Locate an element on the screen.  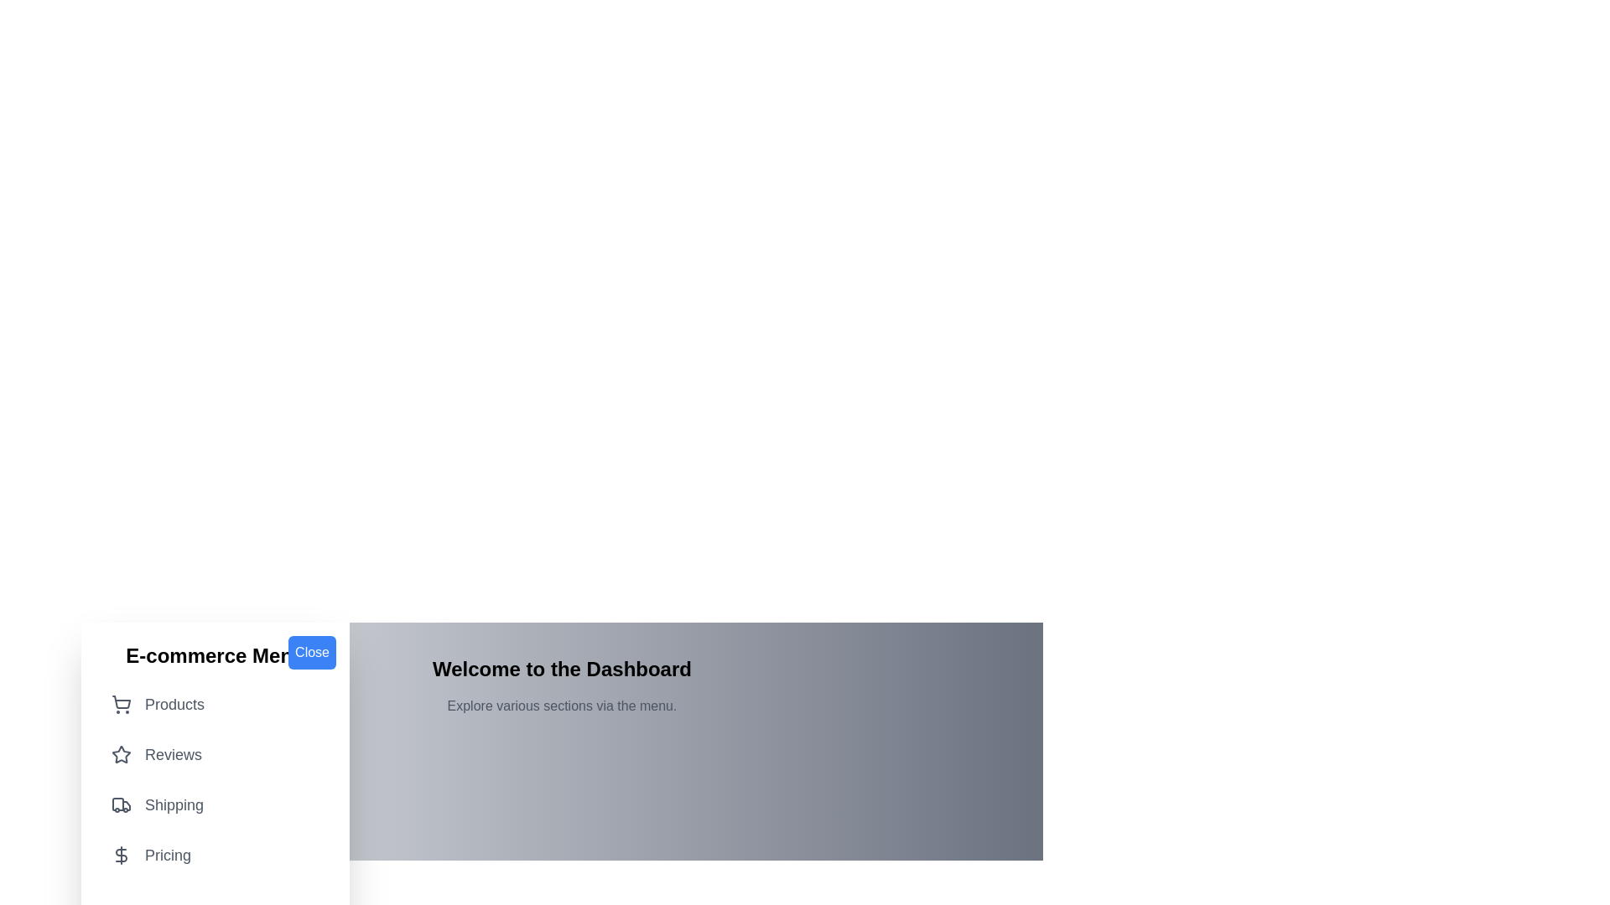
the menu item Pricing is located at coordinates (215, 856).